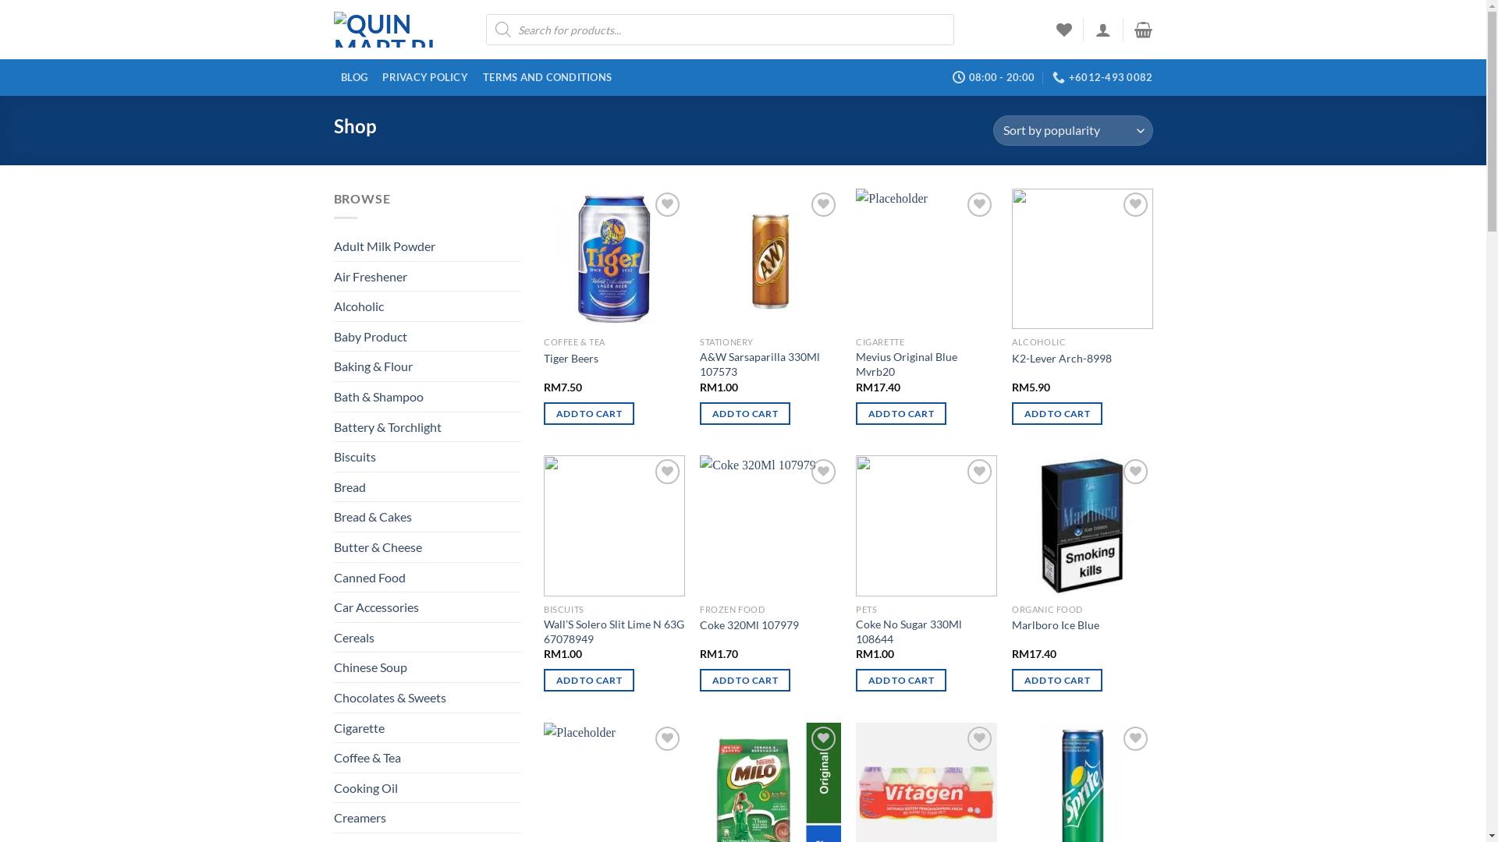  What do you see at coordinates (427, 667) in the screenshot?
I see `'Chinese Soup'` at bounding box center [427, 667].